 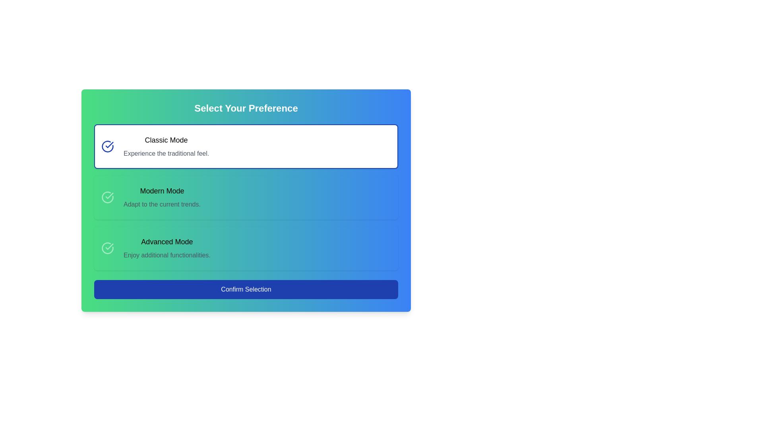 I want to click on the static text label providing additional information for the 'Classic Mode' option, located directly below its heading and aligned to its left edge, so click(x=166, y=153).